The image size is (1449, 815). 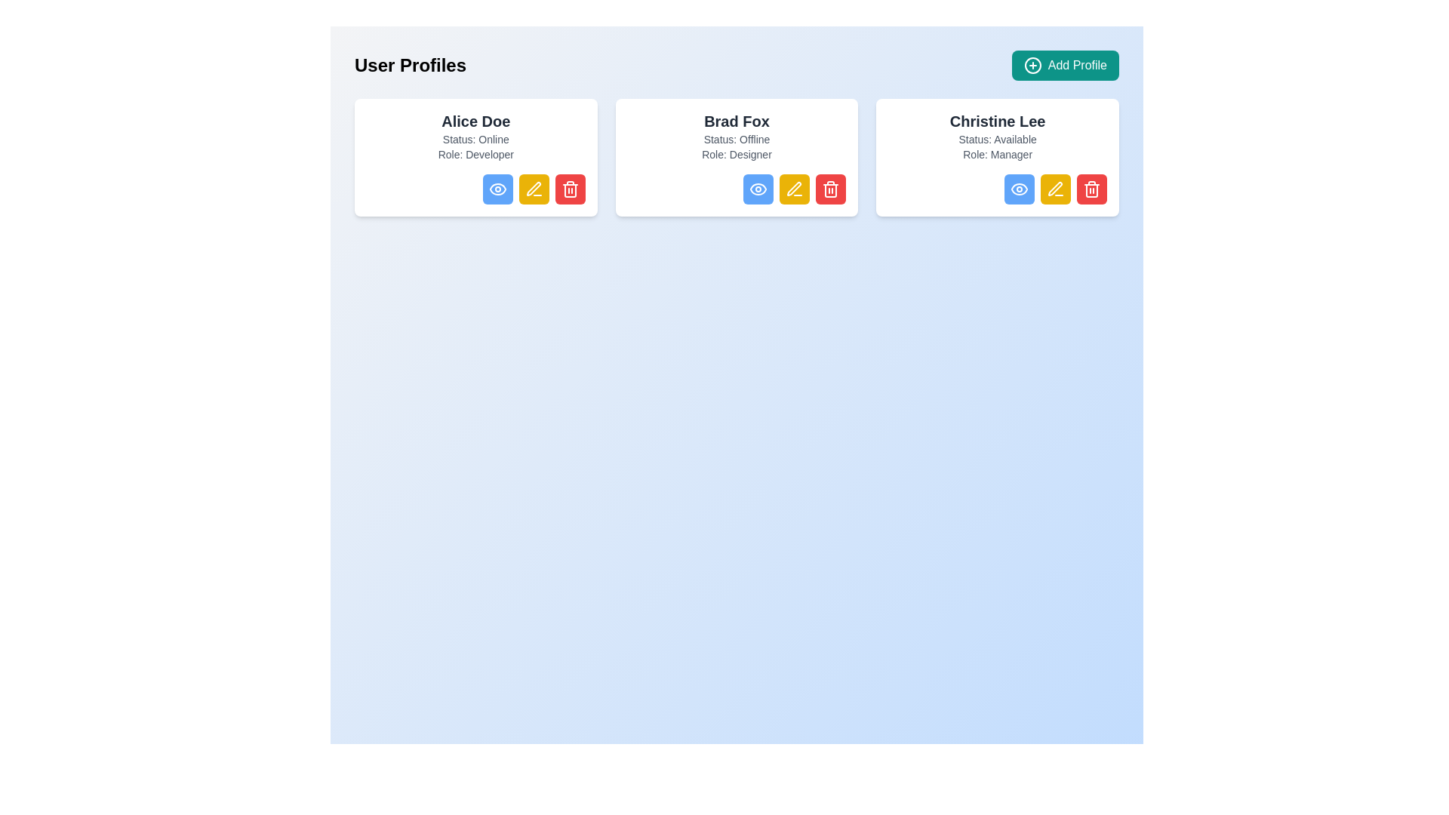 What do you see at coordinates (793, 188) in the screenshot?
I see `the yellow pencil icon, which is the second icon in a row of three, located at the bottom center of the user card for 'Brad Fox'` at bounding box center [793, 188].